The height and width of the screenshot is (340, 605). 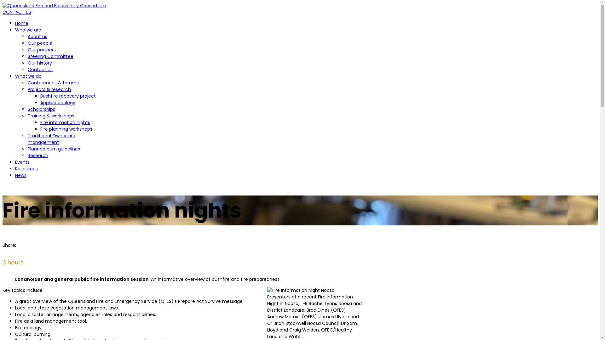 I want to click on 'Home', so click(x=21, y=23).